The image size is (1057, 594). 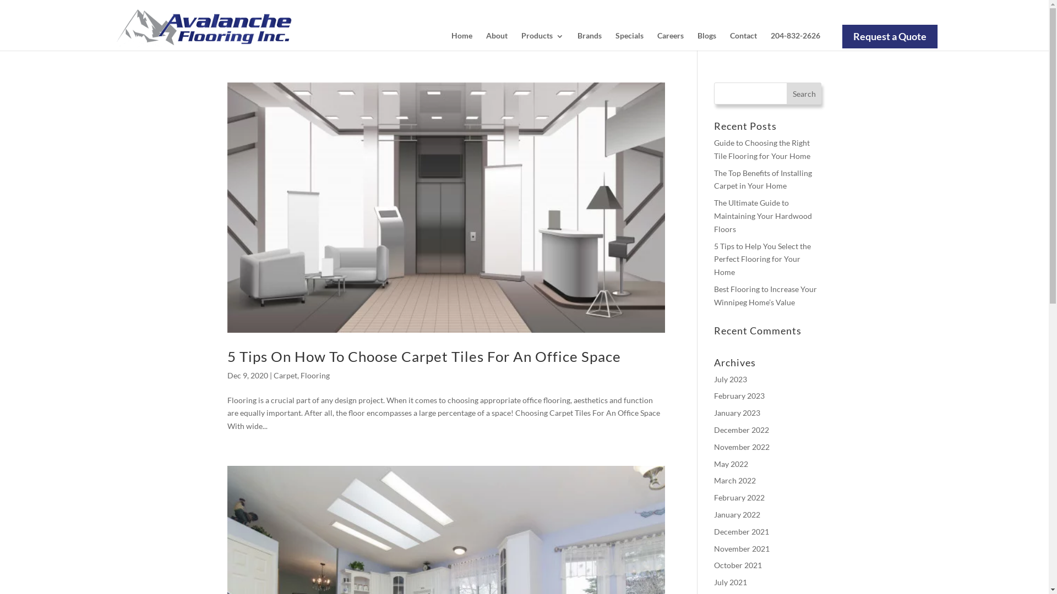 I want to click on 'July 2023', so click(x=730, y=378).